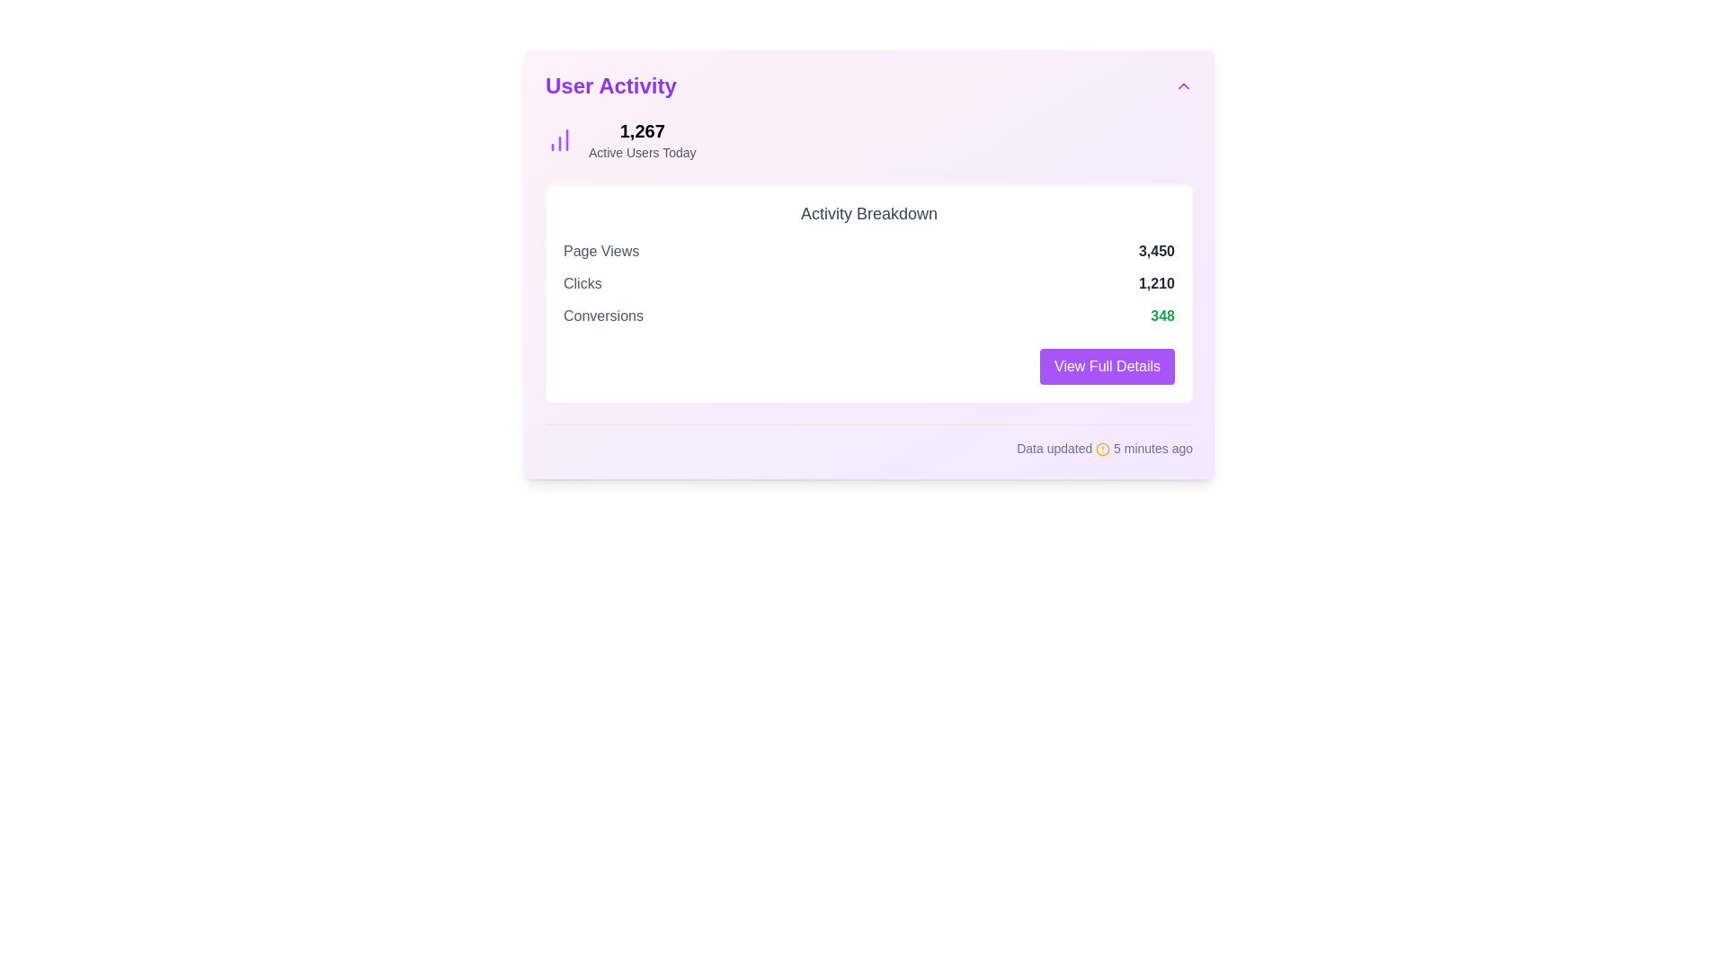  What do you see at coordinates (1183, 86) in the screenshot?
I see `the purple chevron-shaped button pointing upwards located at the top-right corner of the 'User Activity' section` at bounding box center [1183, 86].